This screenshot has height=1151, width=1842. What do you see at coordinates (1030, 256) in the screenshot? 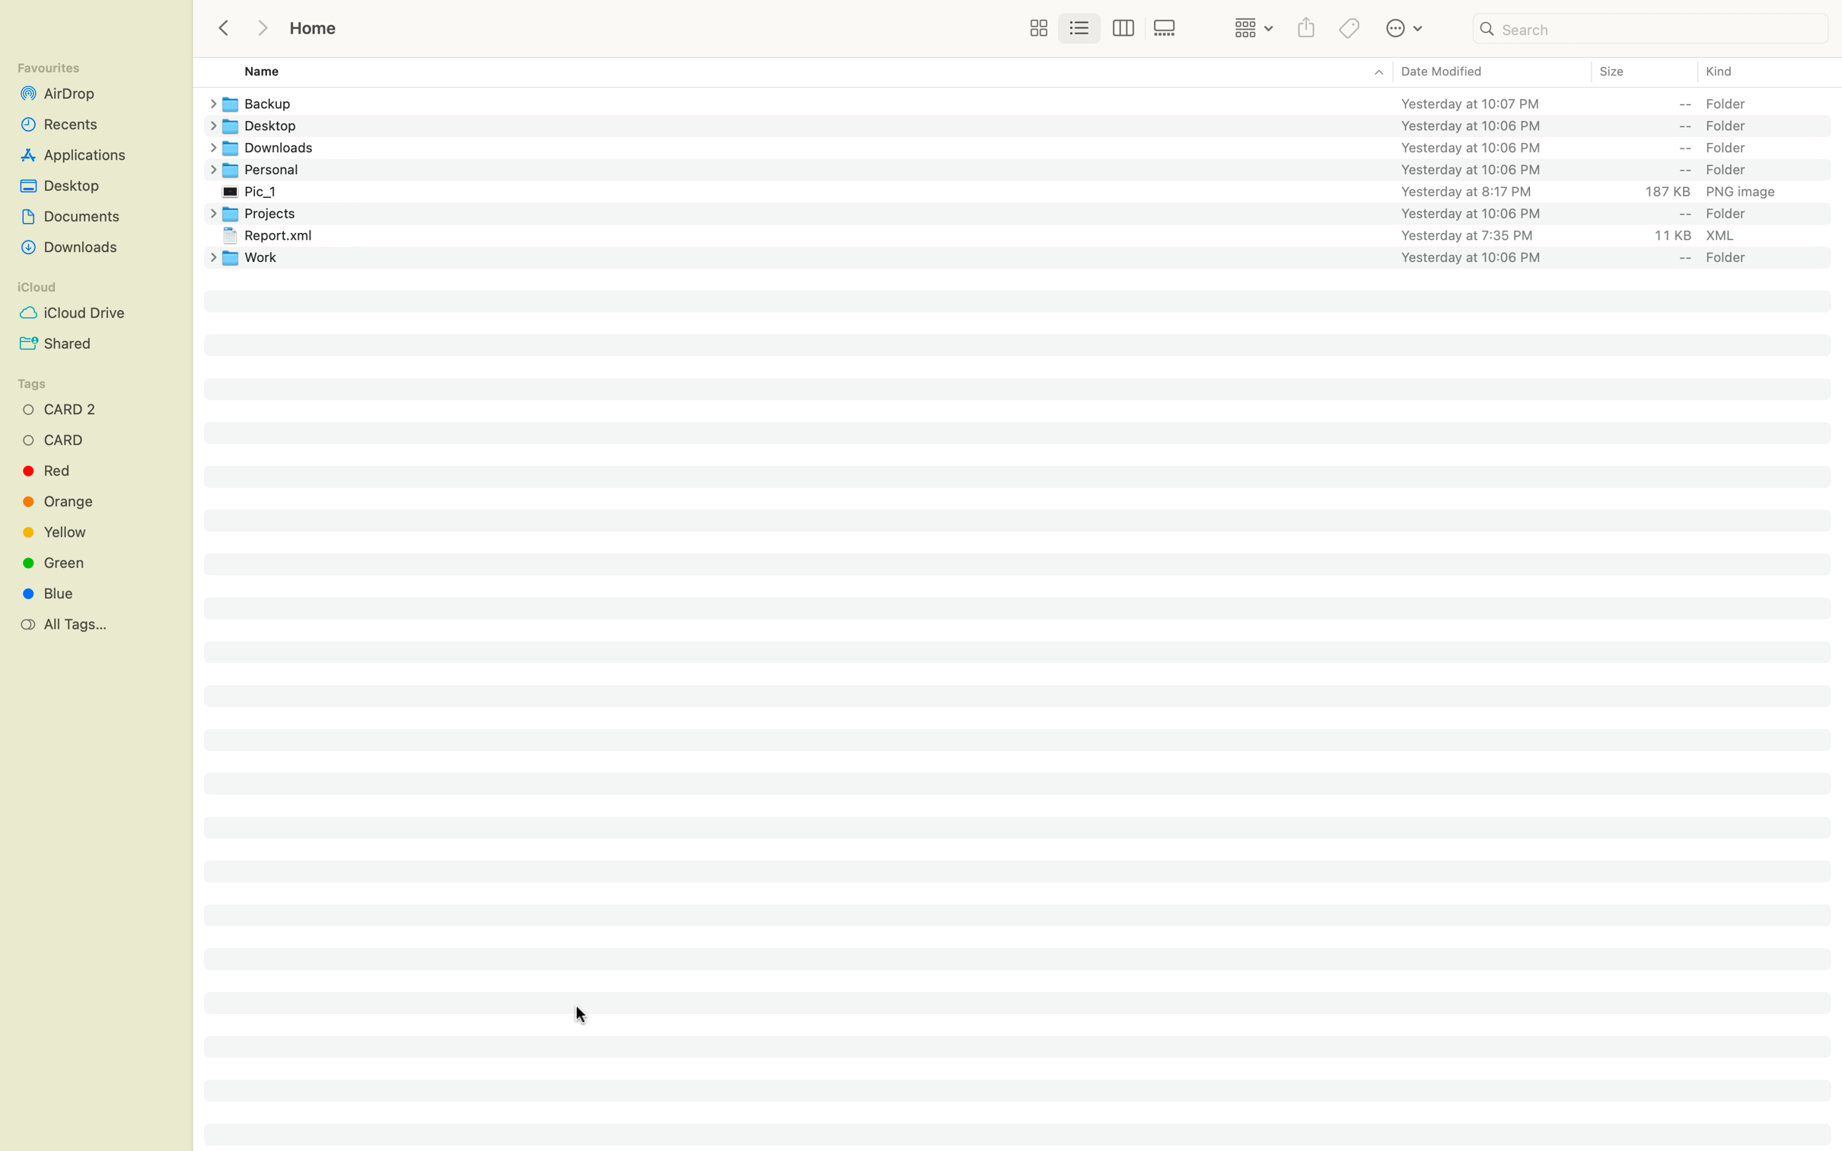
I see `Delete the last folder in the list using keyboard` at bounding box center [1030, 256].